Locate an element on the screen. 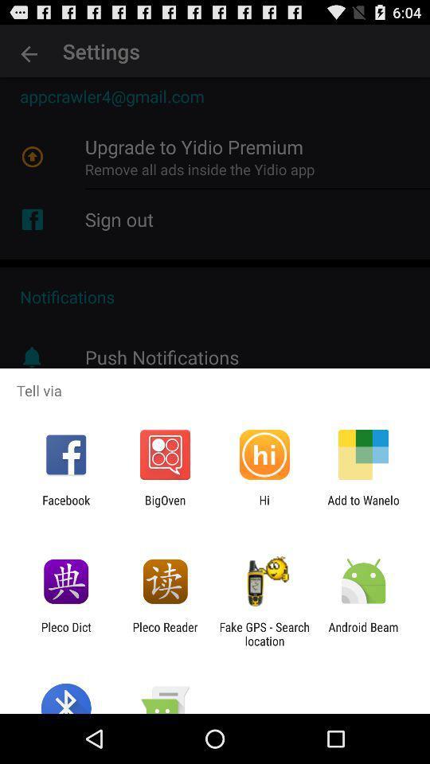  app next to android beam item is located at coordinates (264, 633).